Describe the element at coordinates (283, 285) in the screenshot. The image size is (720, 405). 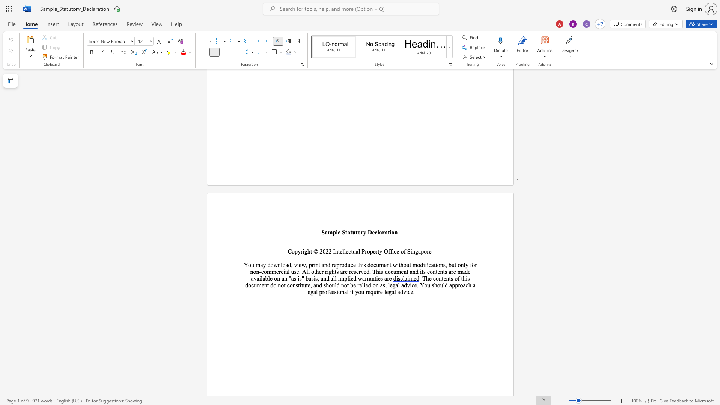
I see `the space between the continuous character "o" and "t" in the text` at that location.